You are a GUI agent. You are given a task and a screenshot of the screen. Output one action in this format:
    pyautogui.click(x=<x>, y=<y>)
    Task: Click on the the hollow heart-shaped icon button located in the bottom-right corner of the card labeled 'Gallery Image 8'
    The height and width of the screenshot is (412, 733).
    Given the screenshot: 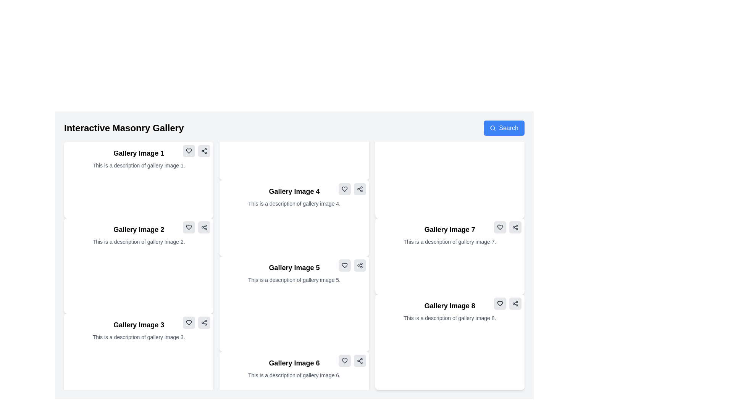 What is the action you would take?
    pyautogui.click(x=500, y=303)
    